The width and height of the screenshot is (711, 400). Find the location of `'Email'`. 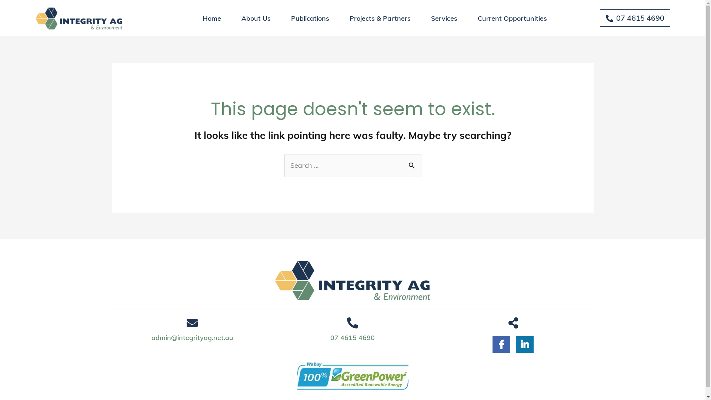

'Email' is located at coordinates (187, 322).